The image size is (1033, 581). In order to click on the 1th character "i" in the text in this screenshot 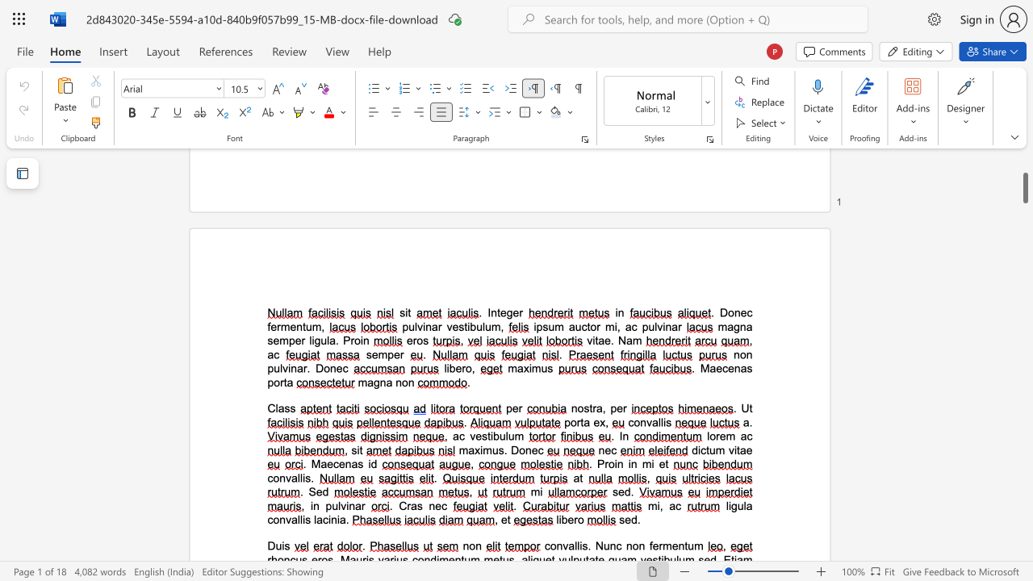, I will do `click(303, 477)`.